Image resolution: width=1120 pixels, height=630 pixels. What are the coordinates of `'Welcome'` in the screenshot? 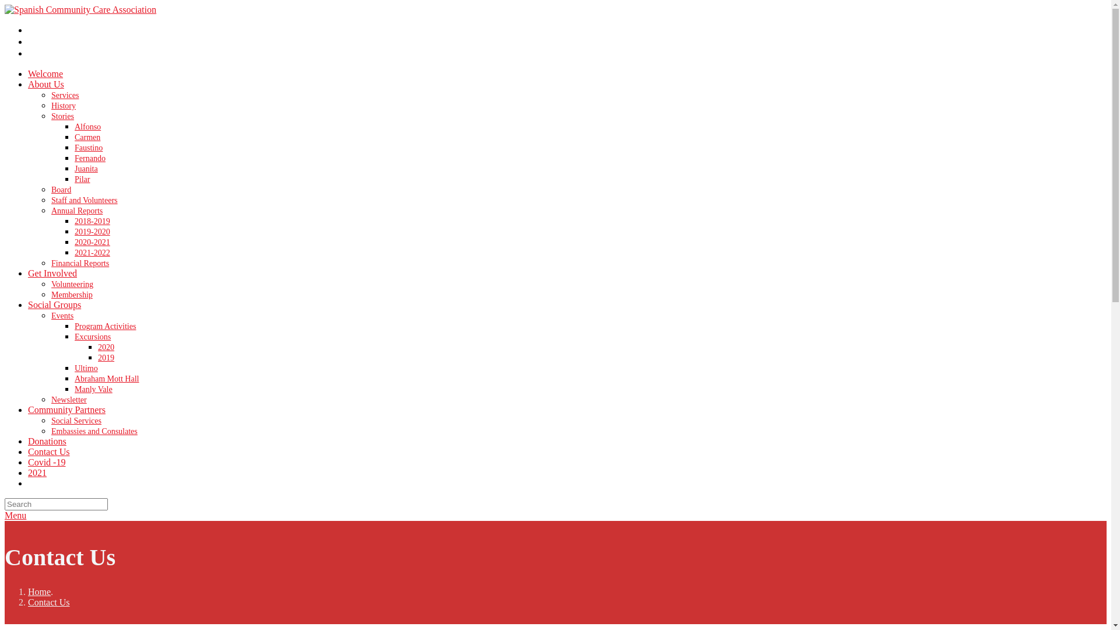 It's located at (45, 73).